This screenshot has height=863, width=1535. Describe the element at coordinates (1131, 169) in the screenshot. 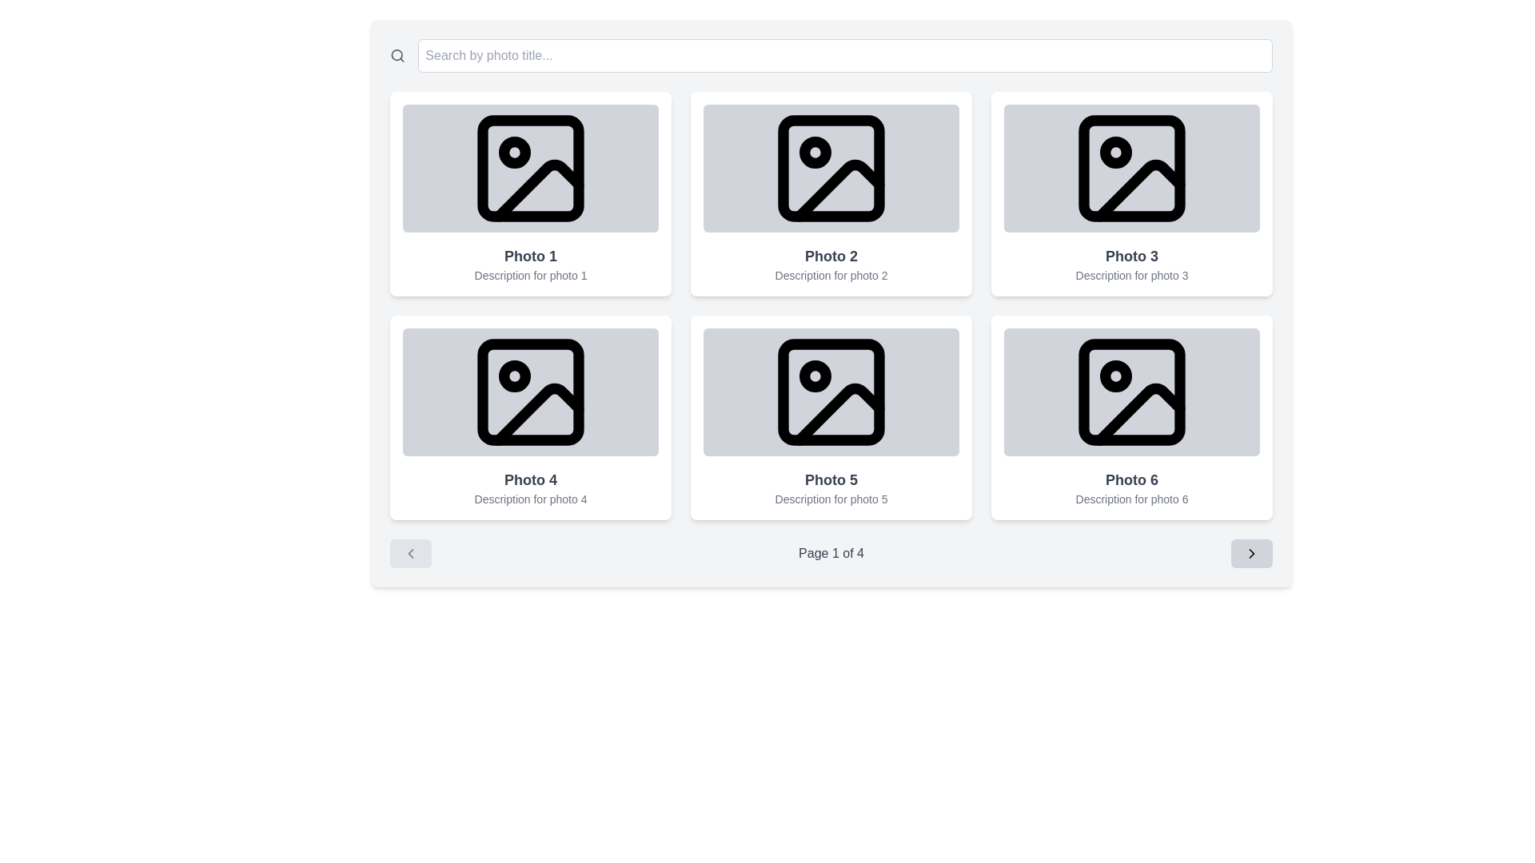

I see `SVG rectangle with rounded corners located in the top-left corner of the third photo card in the first row, within the image section` at that location.